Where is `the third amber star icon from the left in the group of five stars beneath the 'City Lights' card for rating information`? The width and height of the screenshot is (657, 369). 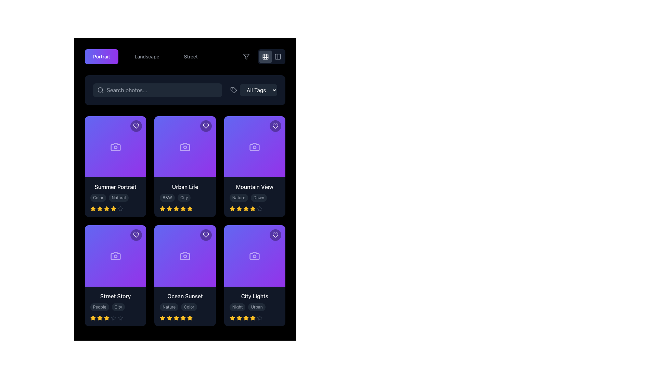
the third amber star icon from the left in the group of five stars beneath the 'City Lights' card for rating information is located at coordinates (239, 318).